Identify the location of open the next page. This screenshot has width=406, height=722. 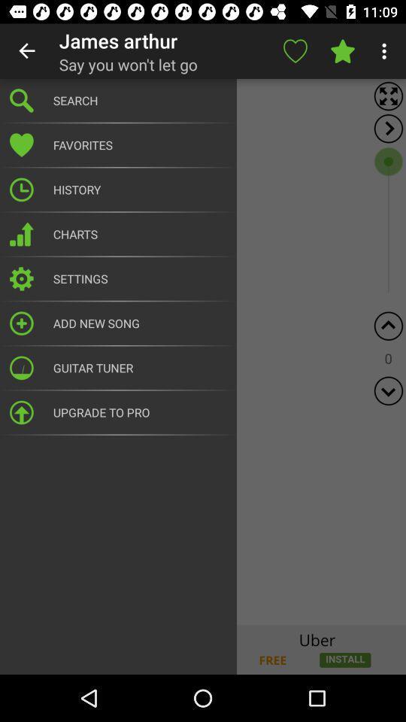
(388, 128).